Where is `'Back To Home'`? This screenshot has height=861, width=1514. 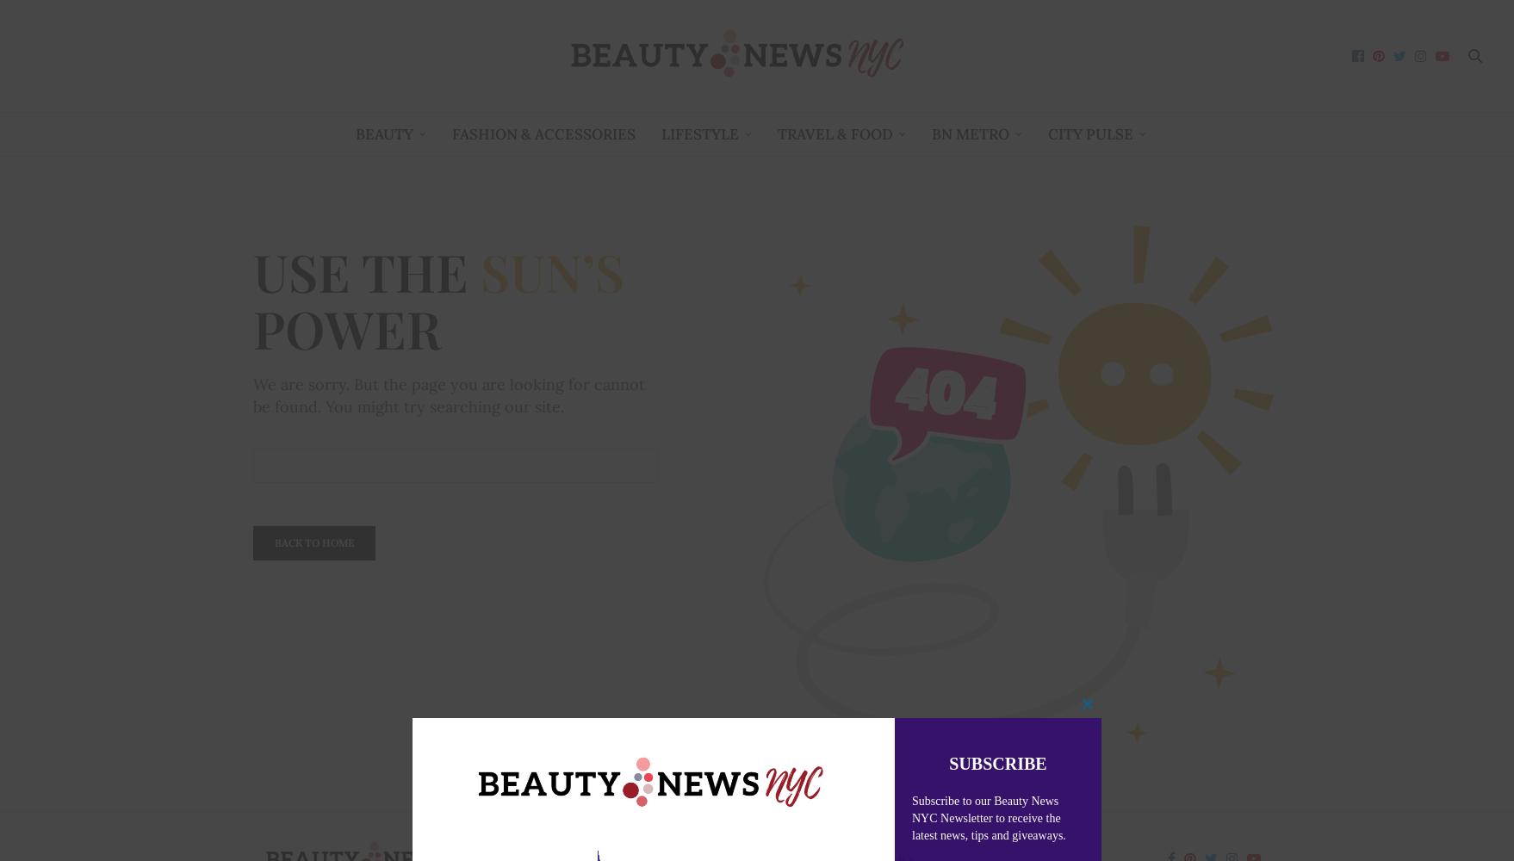 'Back To Home' is located at coordinates (313, 542).